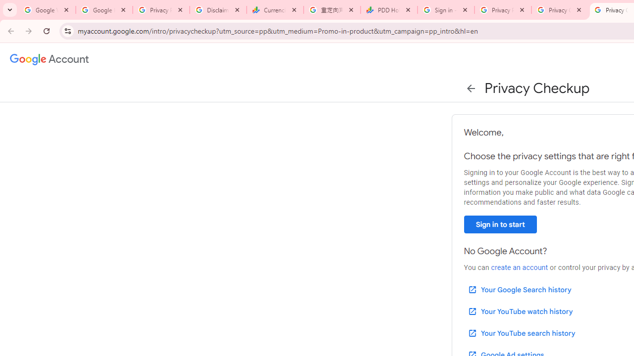 The image size is (634, 356). Describe the element at coordinates (500, 224) in the screenshot. I see `'Sign in to start'` at that location.